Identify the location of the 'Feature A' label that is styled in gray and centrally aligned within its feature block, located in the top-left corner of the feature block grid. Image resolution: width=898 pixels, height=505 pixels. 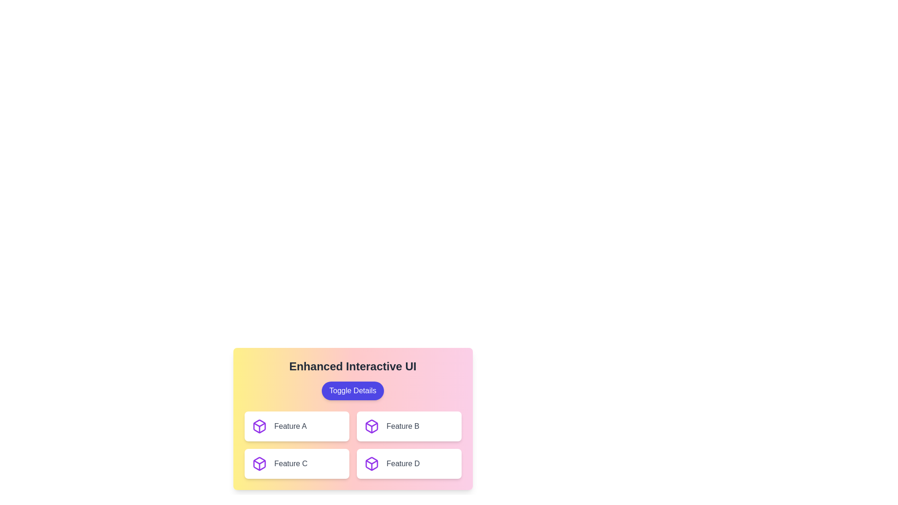
(290, 426).